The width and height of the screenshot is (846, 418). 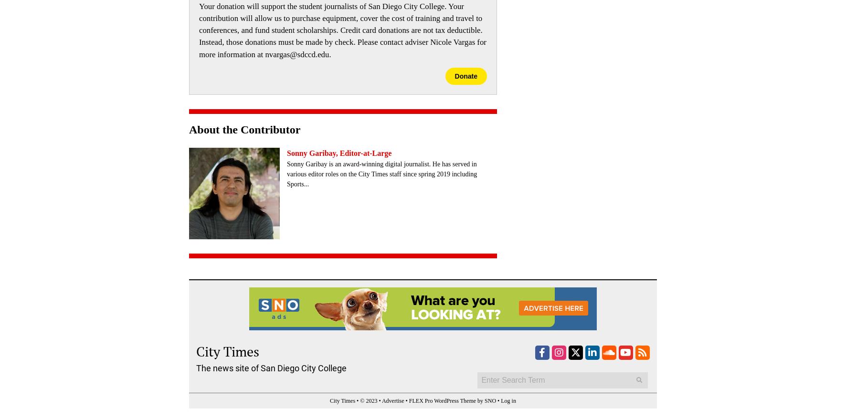 What do you see at coordinates (342, 401) in the screenshot?
I see `'City Times'` at bounding box center [342, 401].